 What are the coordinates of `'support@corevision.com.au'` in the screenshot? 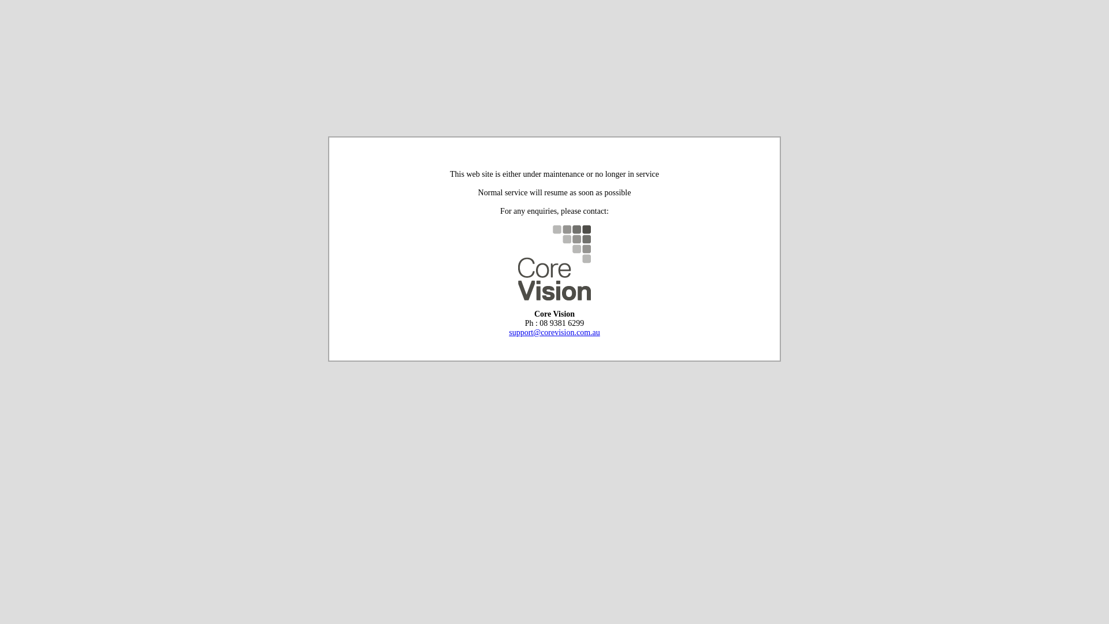 It's located at (554, 332).